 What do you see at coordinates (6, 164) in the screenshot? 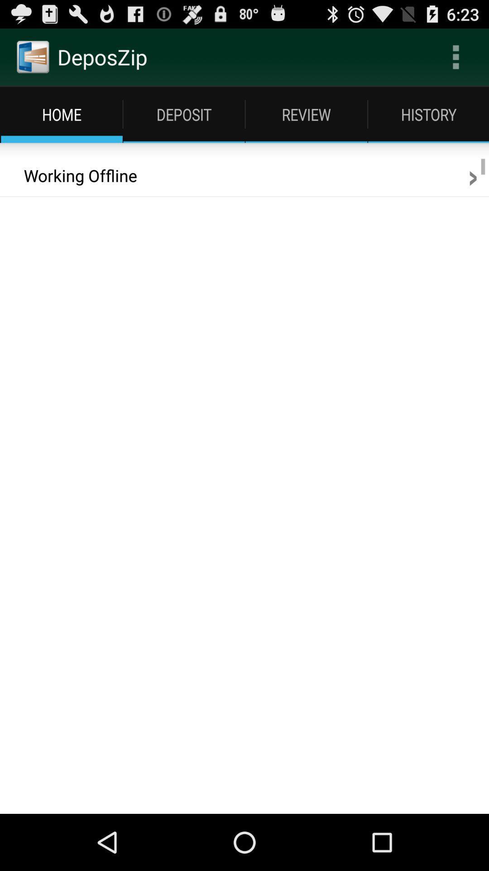
I see `the icon to the left of working offline icon` at bounding box center [6, 164].